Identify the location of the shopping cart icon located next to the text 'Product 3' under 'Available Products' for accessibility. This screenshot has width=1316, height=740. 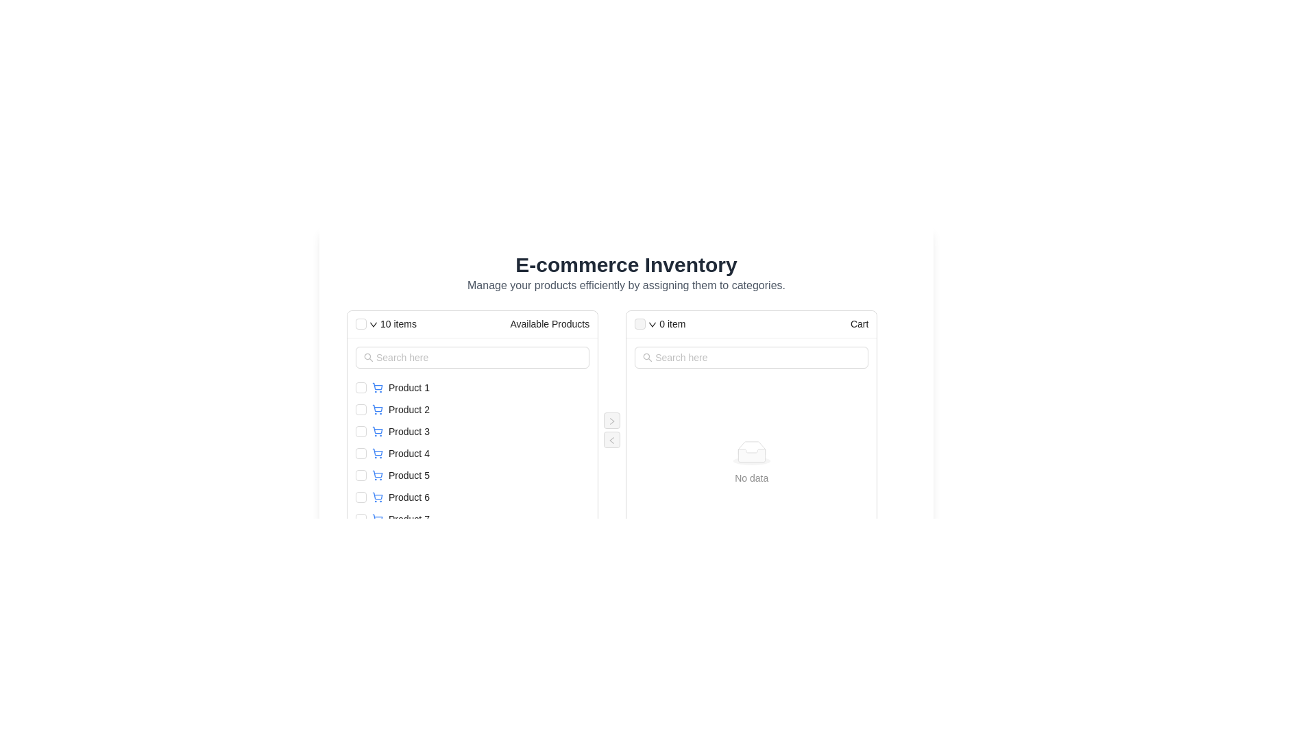
(378, 430).